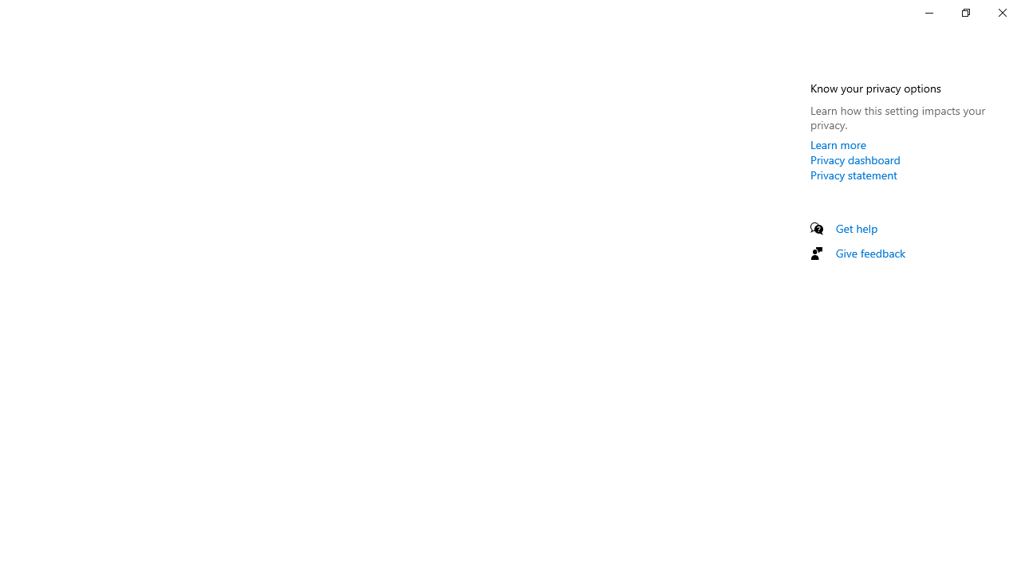  I want to click on 'Minimize Settings', so click(928, 12).